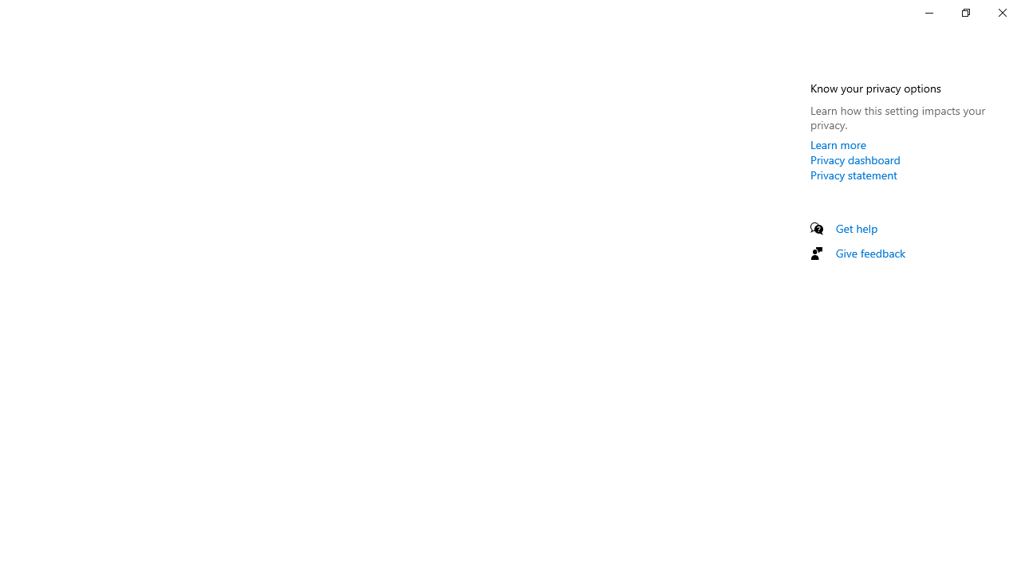  I want to click on 'Minimize Settings', so click(928, 12).